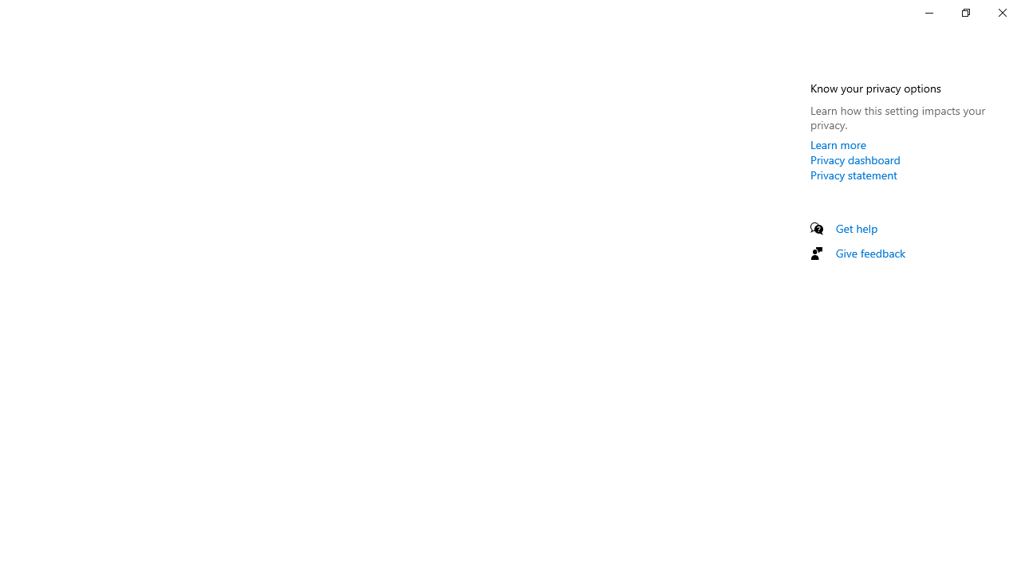  I want to click on 'Minimize Settings', so click(928, 12).